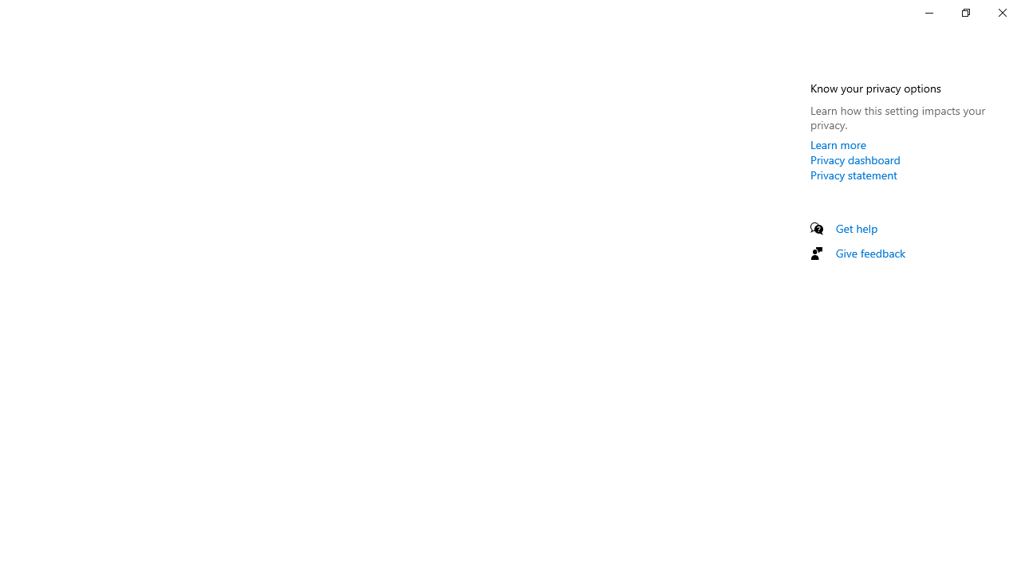  I want to click on 'Minimize Settings', so click(928, 12).